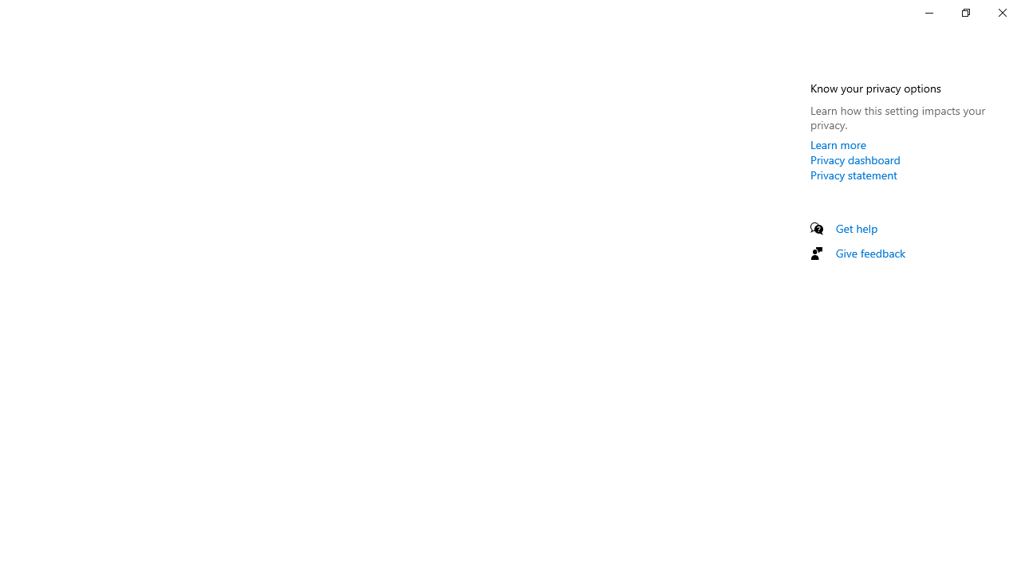  I want to click on 'Minimize Settings', so click(928, 12).